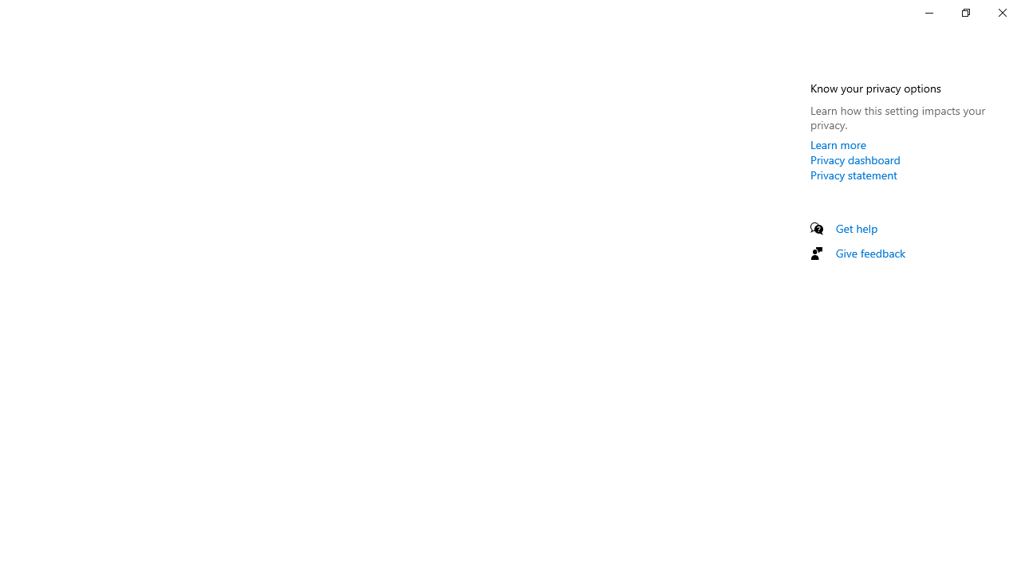  I want to click on 'Minimize Settings', so click(928, 12).